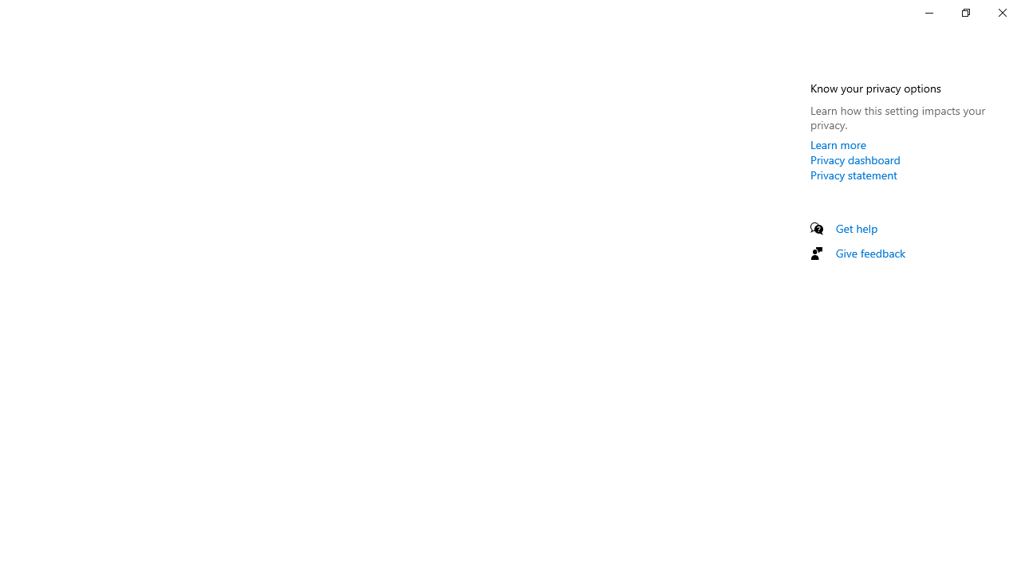  I want to click on 'Minimize Settings', so click(928, 12).